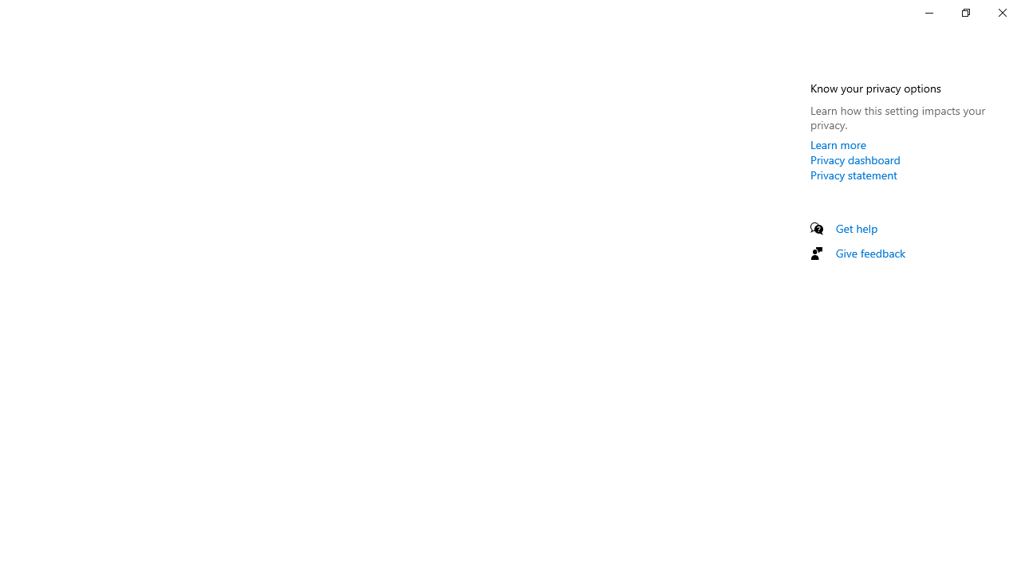  I want to click on 'Minimize Settings', so click(928, 12).